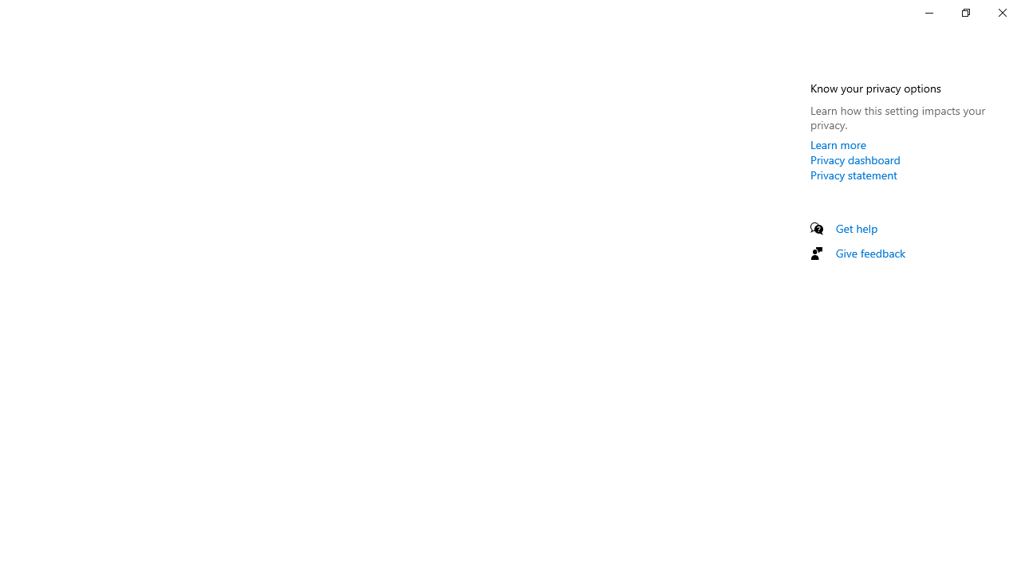  I want to click on 'Minimize Settings', so click(928, 12).